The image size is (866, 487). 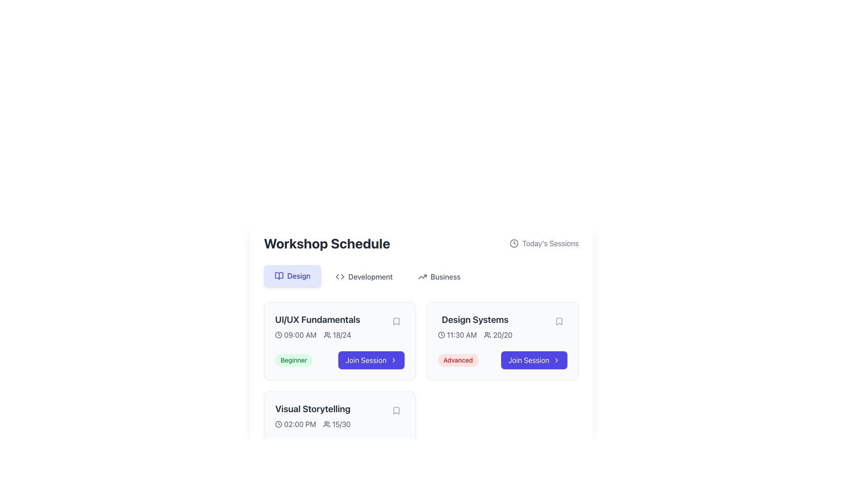 I want to click on the label indicating the difficulty level of the workshop located in the bottom-left area of the card under 'UI/UX Fundamentals', near the 'Join Session' button, so click(x=294, y=359).